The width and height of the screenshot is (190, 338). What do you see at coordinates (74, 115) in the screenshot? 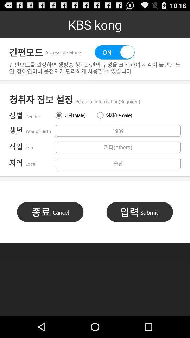
I see `app to the right of the gender app` at bounding box center [74, 115].